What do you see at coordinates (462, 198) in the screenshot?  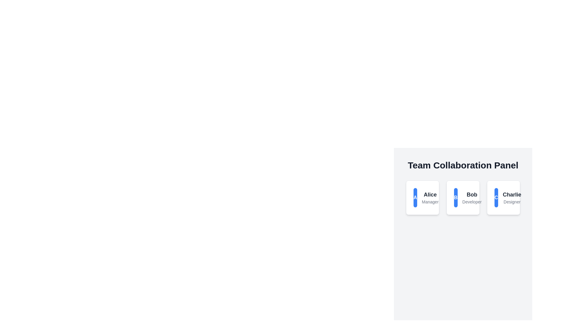 I see `the user profile card for 'Bob', which features a circular blue badge with a white 'B' and the text 'Bob' in bold followed by 'Developer' underneath, to edit user details` at bounding box center [462, 198].